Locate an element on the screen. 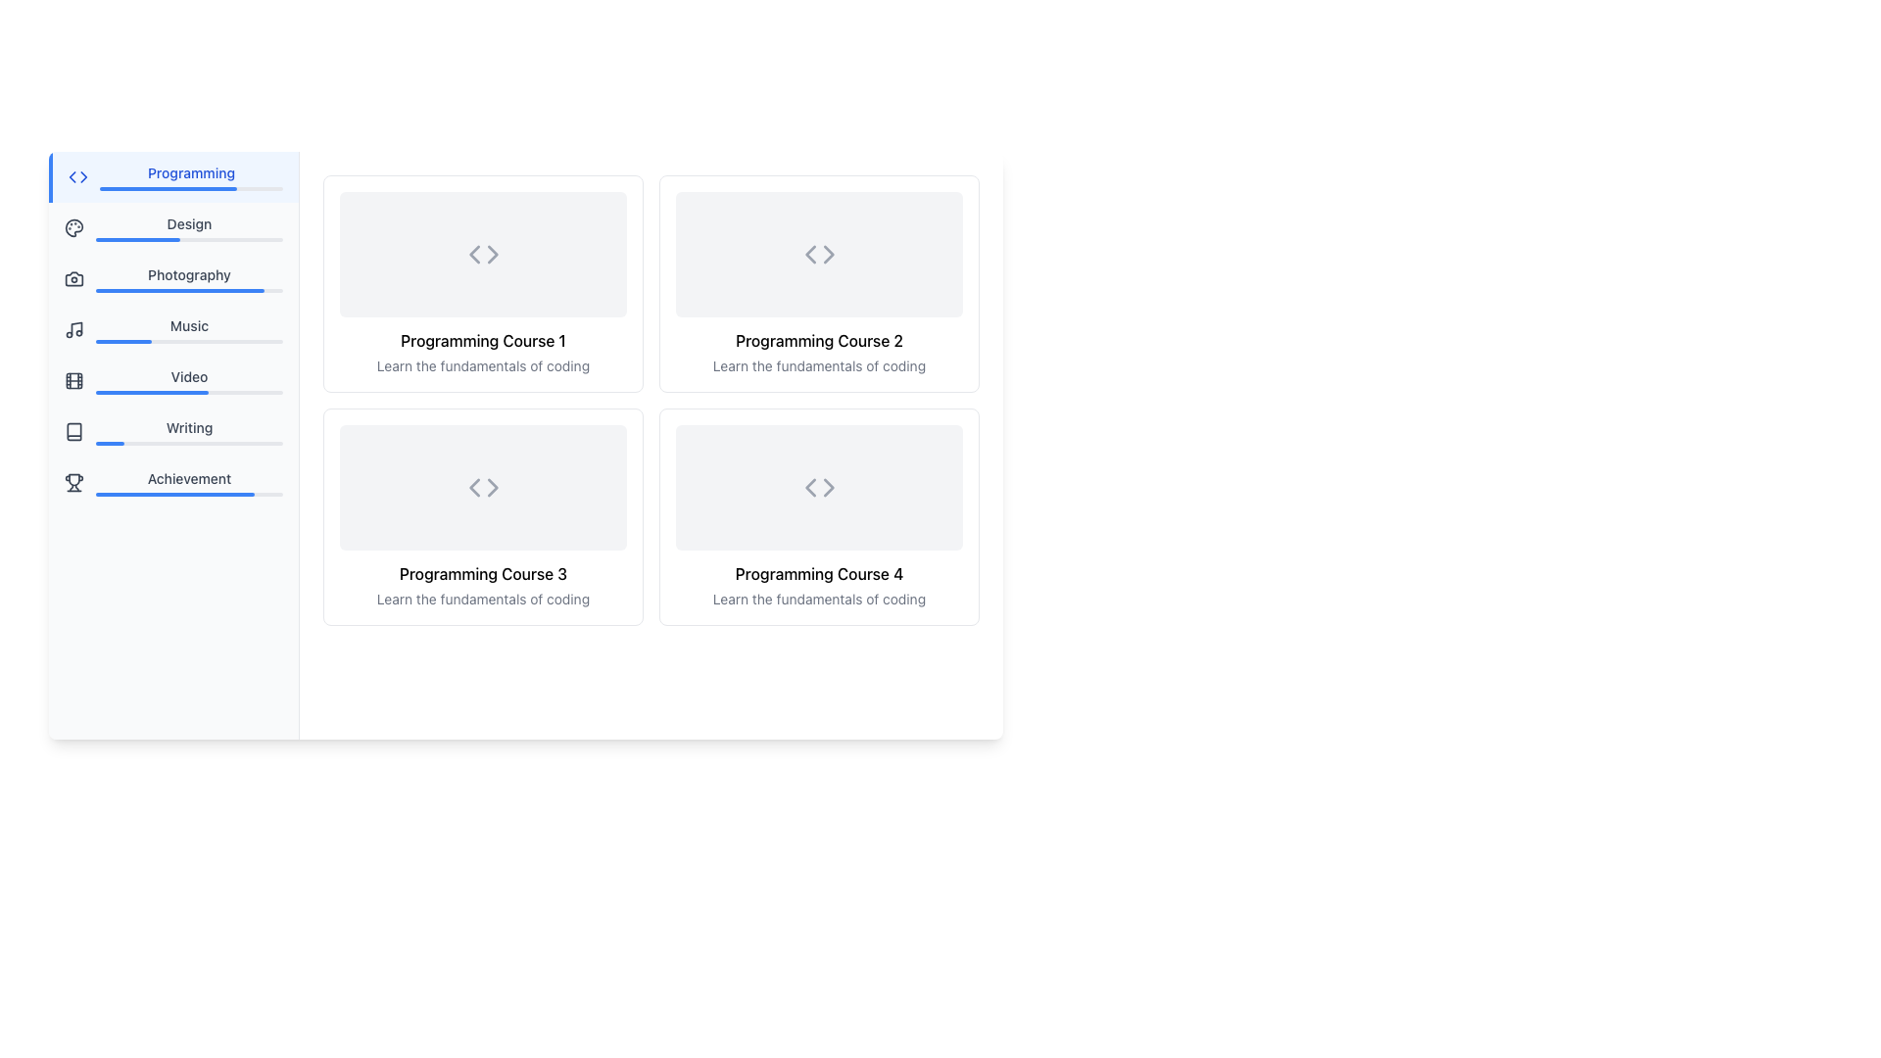 This screenshot has width=1881, height=1058. the coding icon that represents the 'Programming Course 2' in the top-right card of the 2x2 grid layout is located at coordinates (819, 253).